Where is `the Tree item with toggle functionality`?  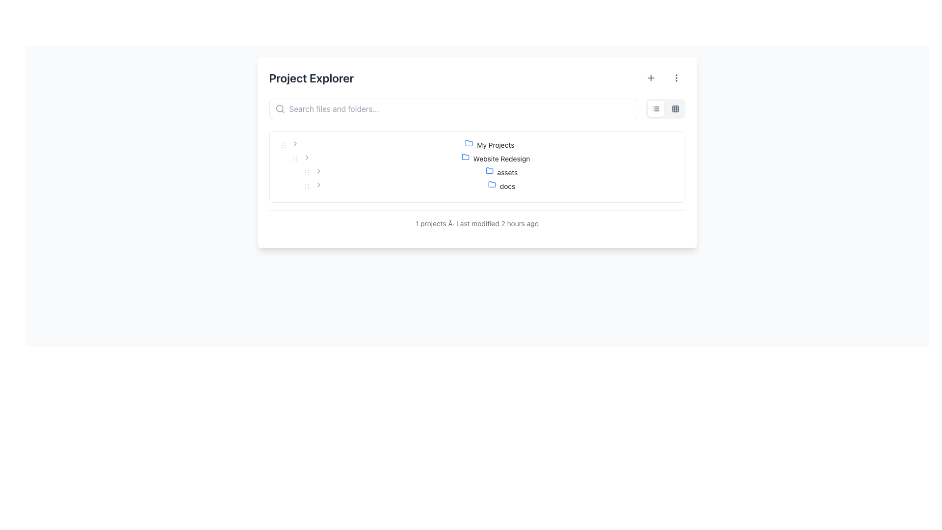 the Tree item with toggle functionality is located at coordinates (477, 145).